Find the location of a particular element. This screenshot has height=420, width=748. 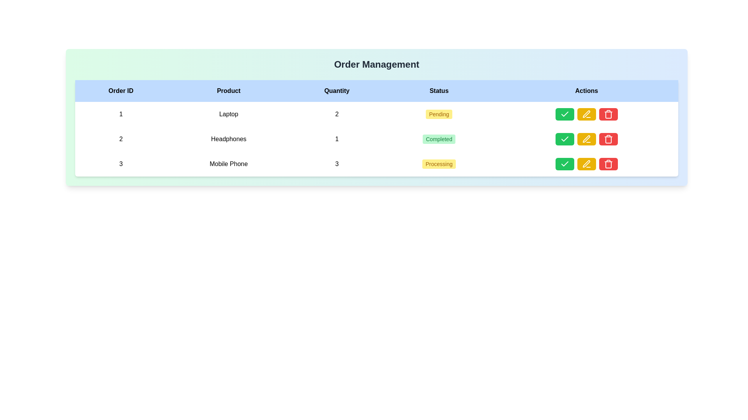

the displayed text on the 'Completed' Indicator Tag, which is a rectangular button-like component with rounded corners and a green background, located in the 'Status' column of the second row in a tabular layout is located at coordinates (439, 139).